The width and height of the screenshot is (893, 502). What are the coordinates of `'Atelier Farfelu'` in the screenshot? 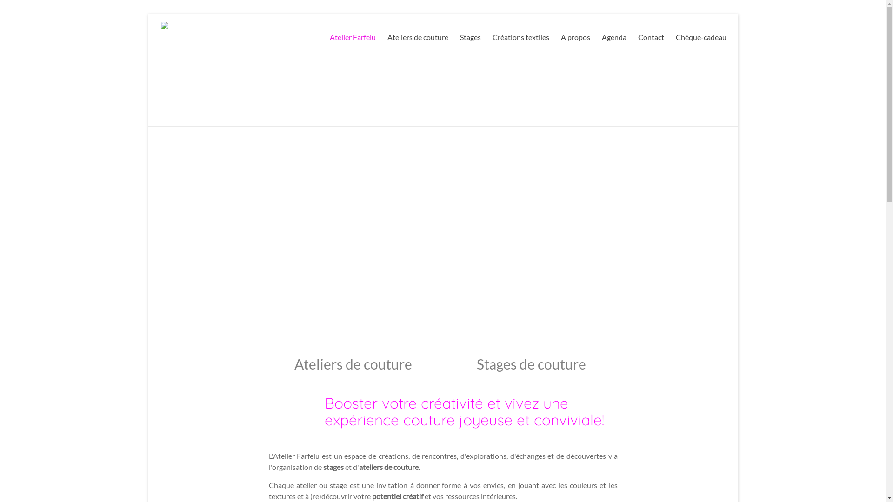 It's located at (352, 37).